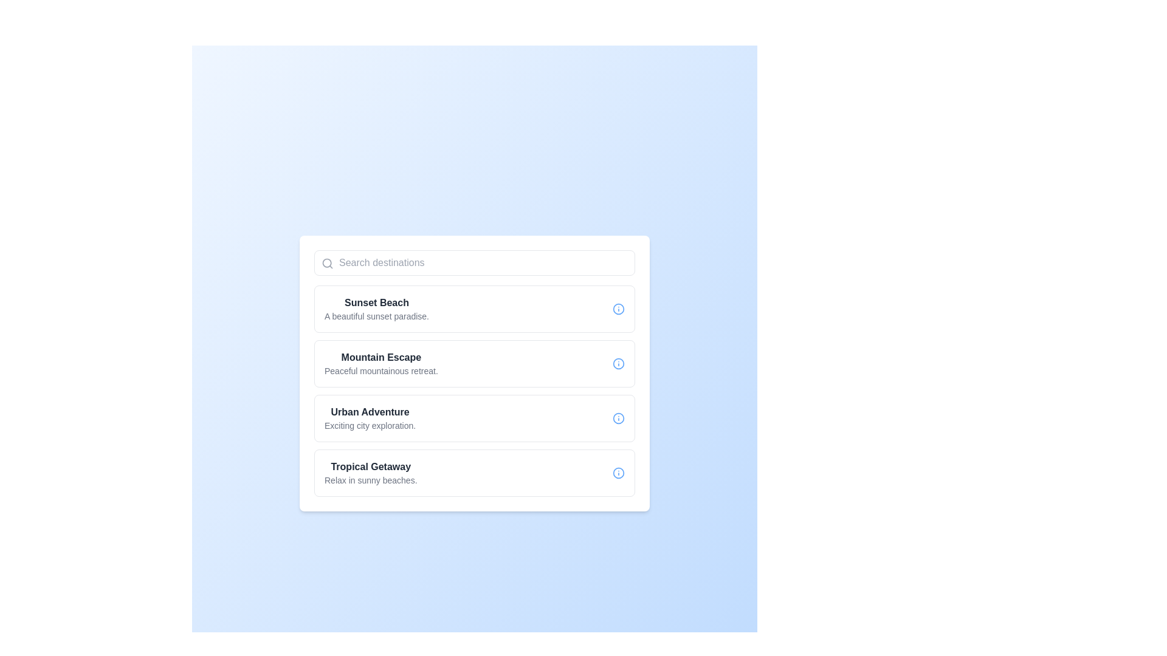 This screenshot has height=656, width=1167. Describe the element at coordinates (370, 466) in the screenshot. I see `the static text label that displays the title or name of the destination option, which is the fourth item in a vertical stack of destination options, located directly above the descriptive text 'Relax in sunny beaches.'` at that location.